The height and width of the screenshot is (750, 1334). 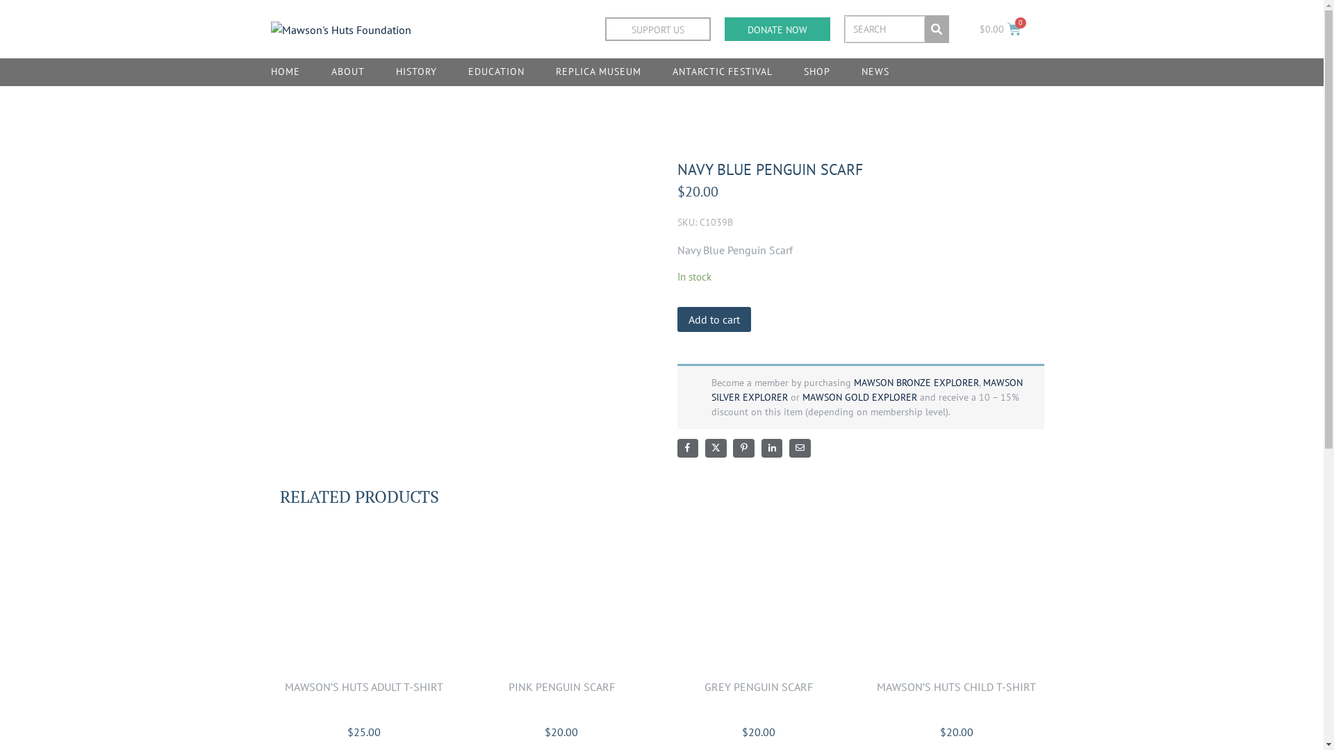 What do you see at coordinates (866, 390) in the screenshot?
I see `'MAWSON SILVER EXPLORER'` at bounding box center [866, 390].